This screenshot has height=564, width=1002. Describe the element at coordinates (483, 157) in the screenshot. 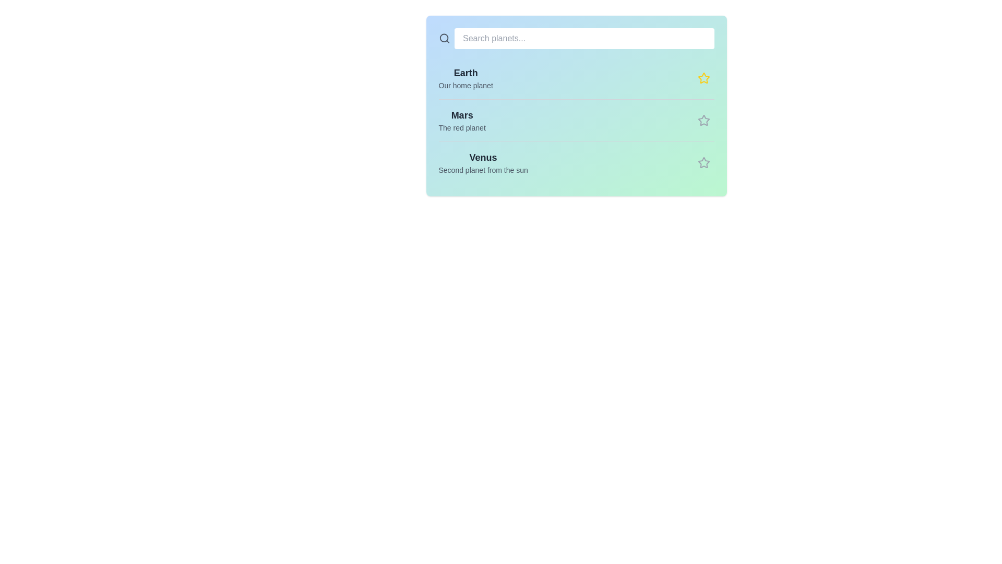

I see `the title of the list item corresponding to Venus` at that location.